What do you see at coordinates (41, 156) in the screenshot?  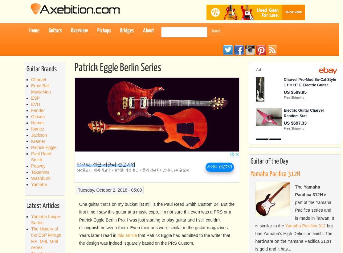 I see `'Paul Reed Smith'` at bounding box center [41, 156].